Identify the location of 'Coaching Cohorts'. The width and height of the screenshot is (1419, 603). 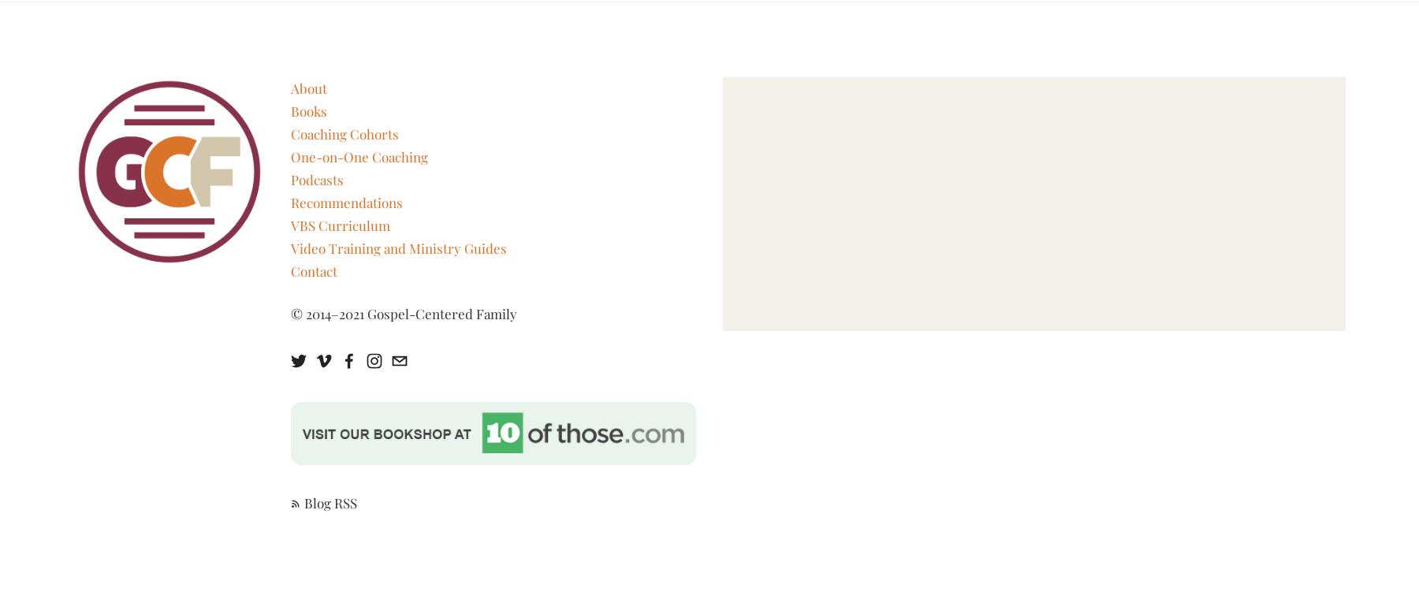
(344, 133).